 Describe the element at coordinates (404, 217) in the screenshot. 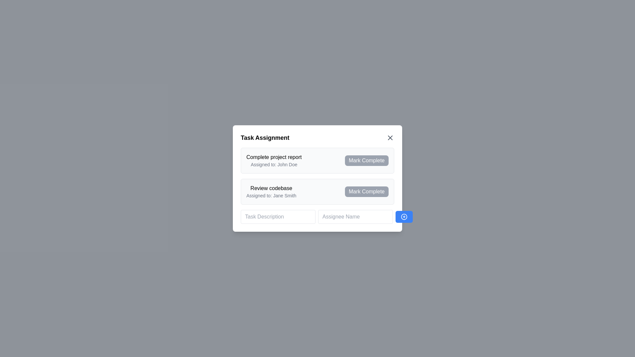

I see `the add item icon located at the bottom-right corner of the modal dialog` at that location.